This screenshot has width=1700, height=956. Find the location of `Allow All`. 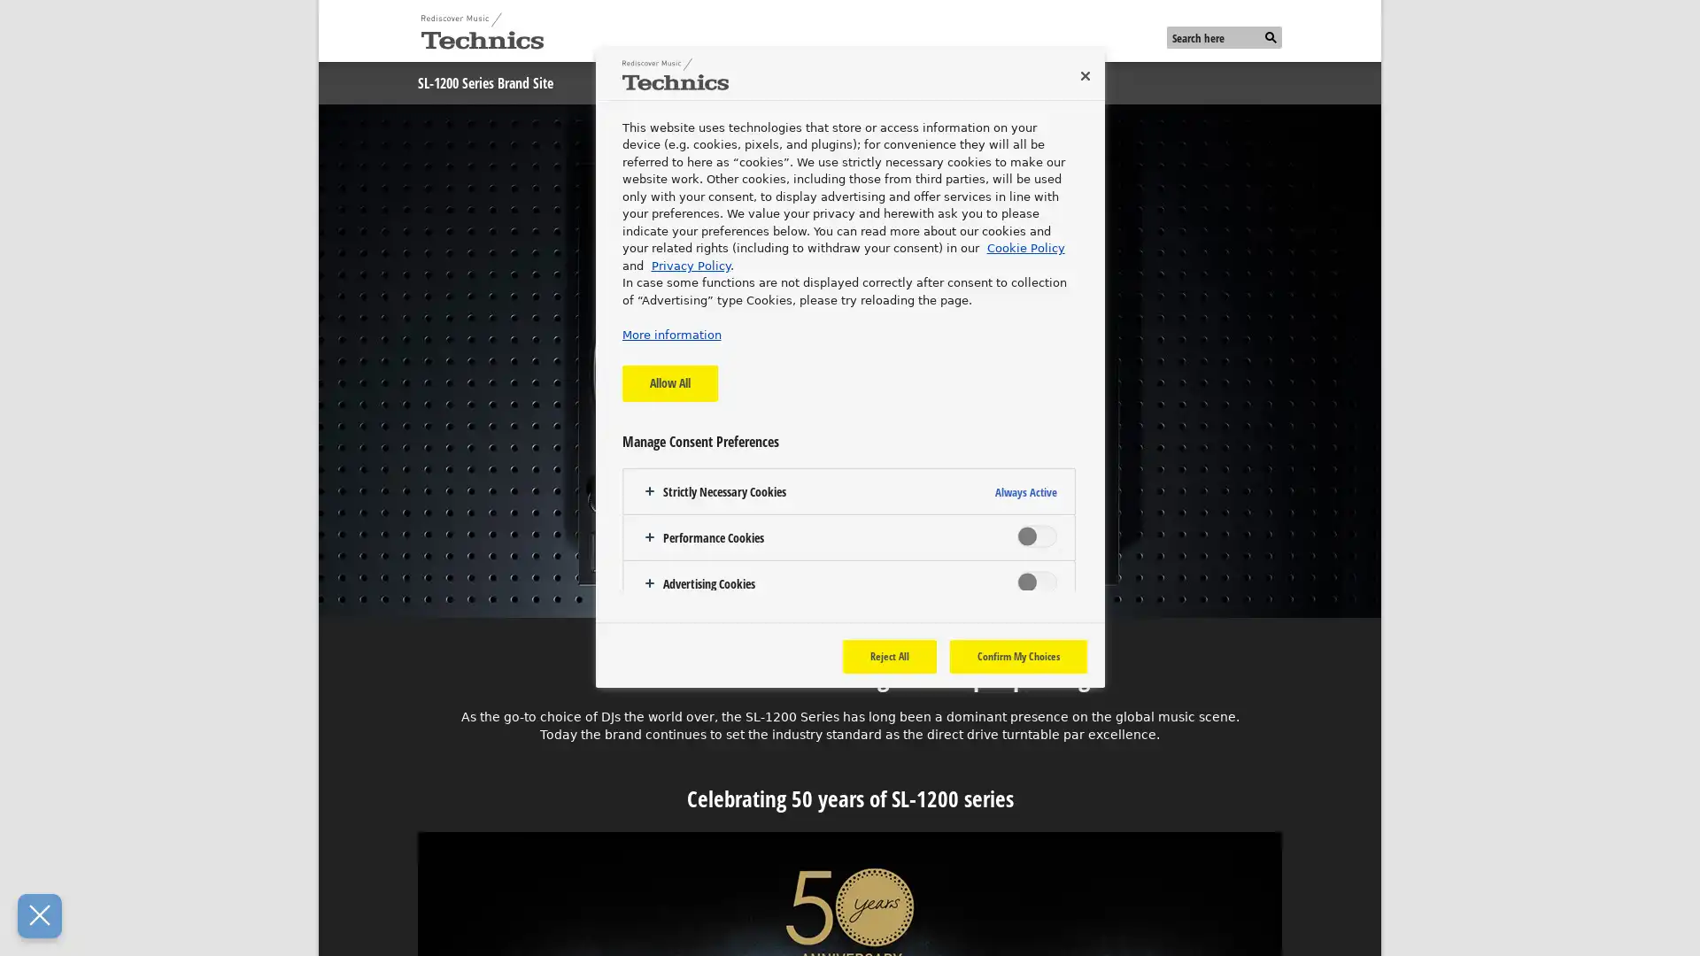

Allow All is located at coordinates (668, 382).